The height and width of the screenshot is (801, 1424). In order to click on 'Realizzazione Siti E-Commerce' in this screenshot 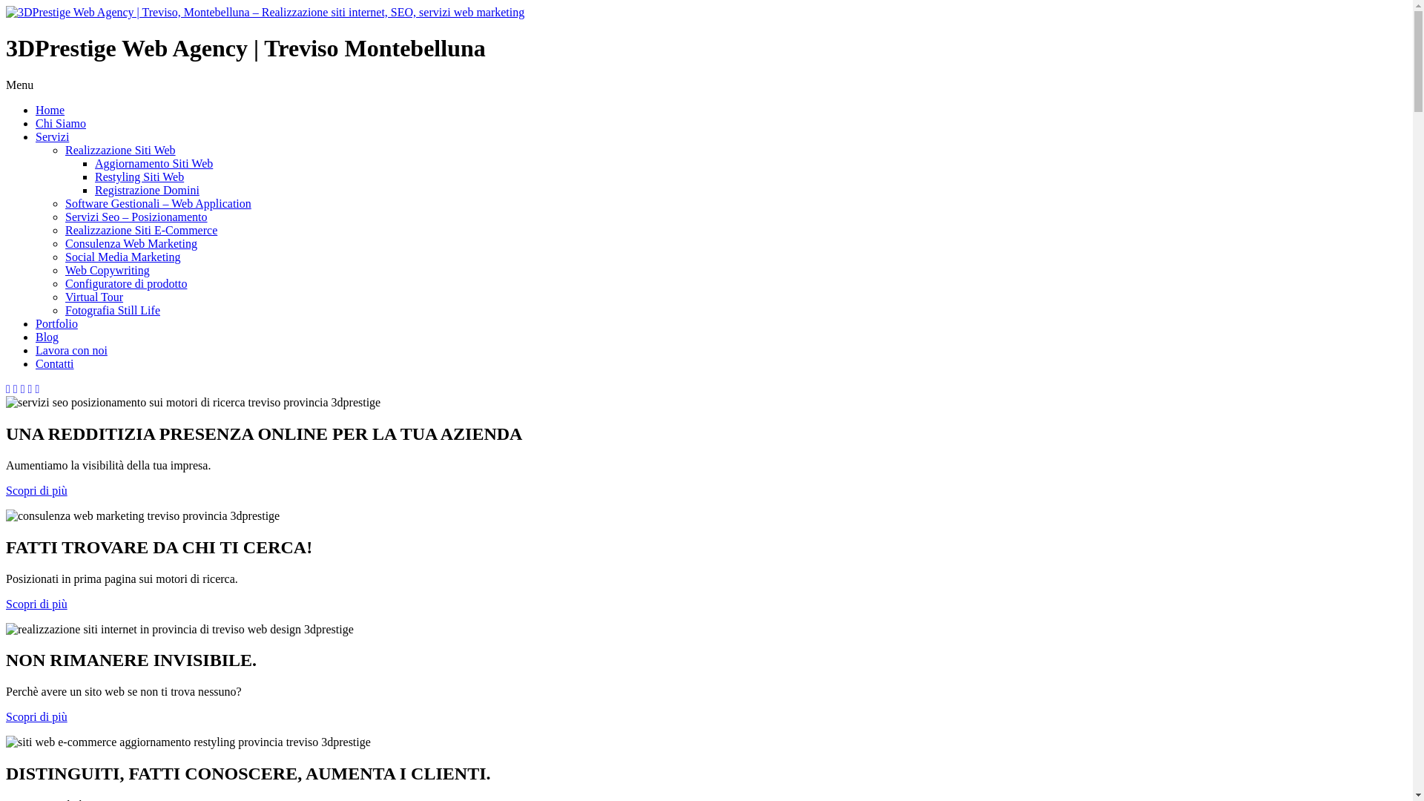, I will do `click(141, 230)`.